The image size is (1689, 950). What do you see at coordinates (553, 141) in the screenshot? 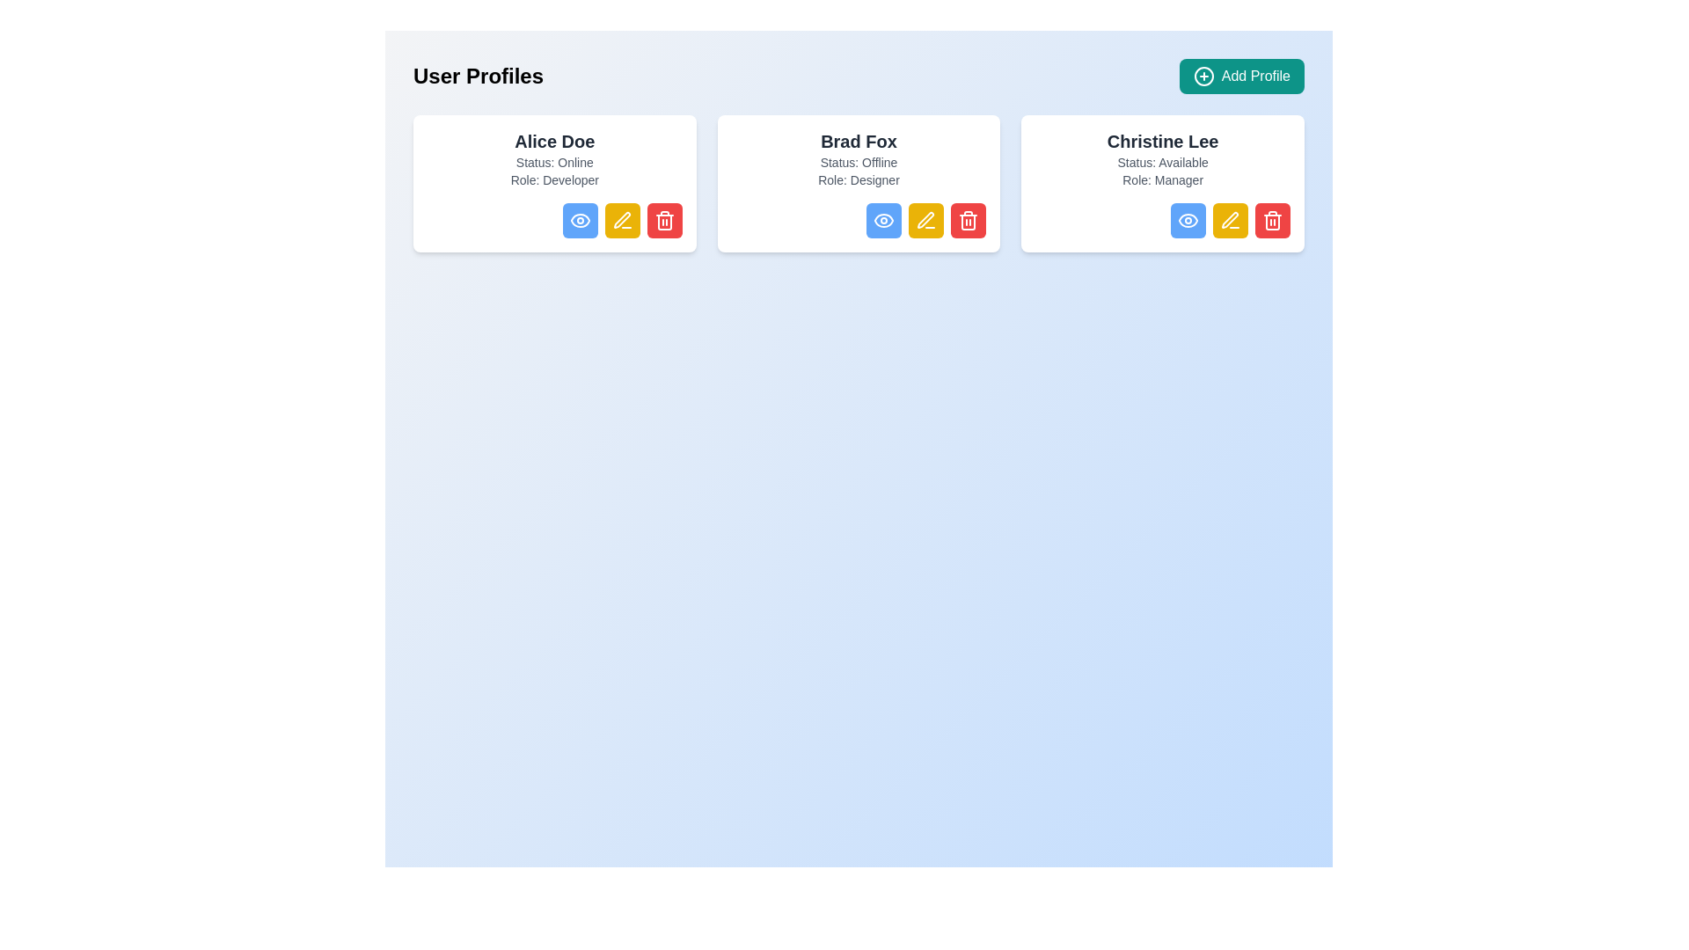
I see `the text label displaying 'Alice Doe', which serves as the heading for the profile card in the leftmost profile card of the grid` at bounding box center [553, 141].